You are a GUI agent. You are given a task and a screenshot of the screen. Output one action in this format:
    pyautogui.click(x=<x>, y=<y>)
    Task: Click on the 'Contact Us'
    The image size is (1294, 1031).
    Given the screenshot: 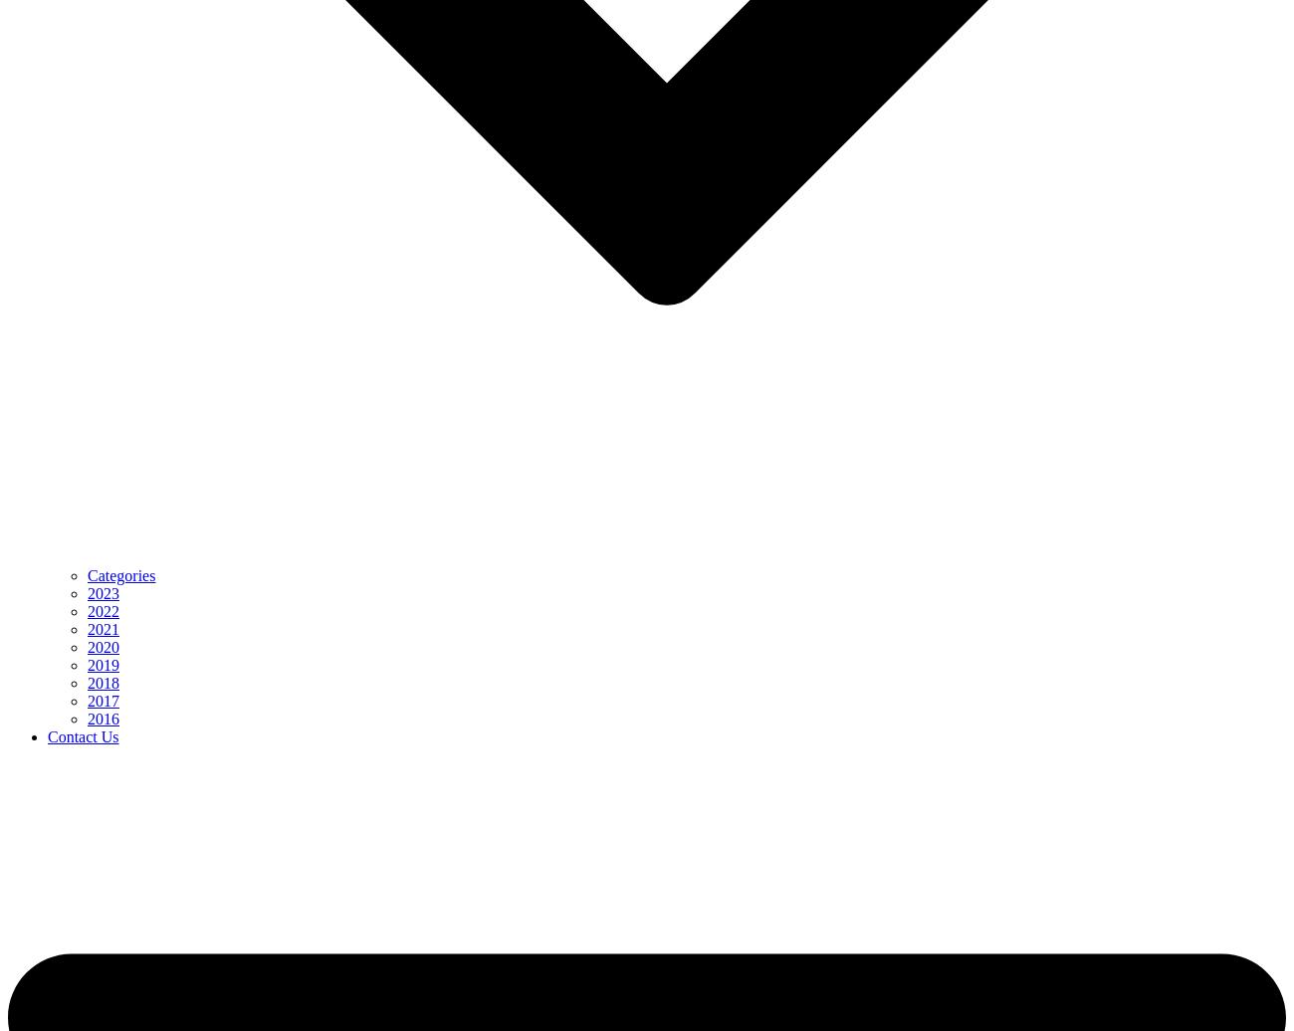 What is the action you would take?
    pyautogui.click(x=46, y=736)
    